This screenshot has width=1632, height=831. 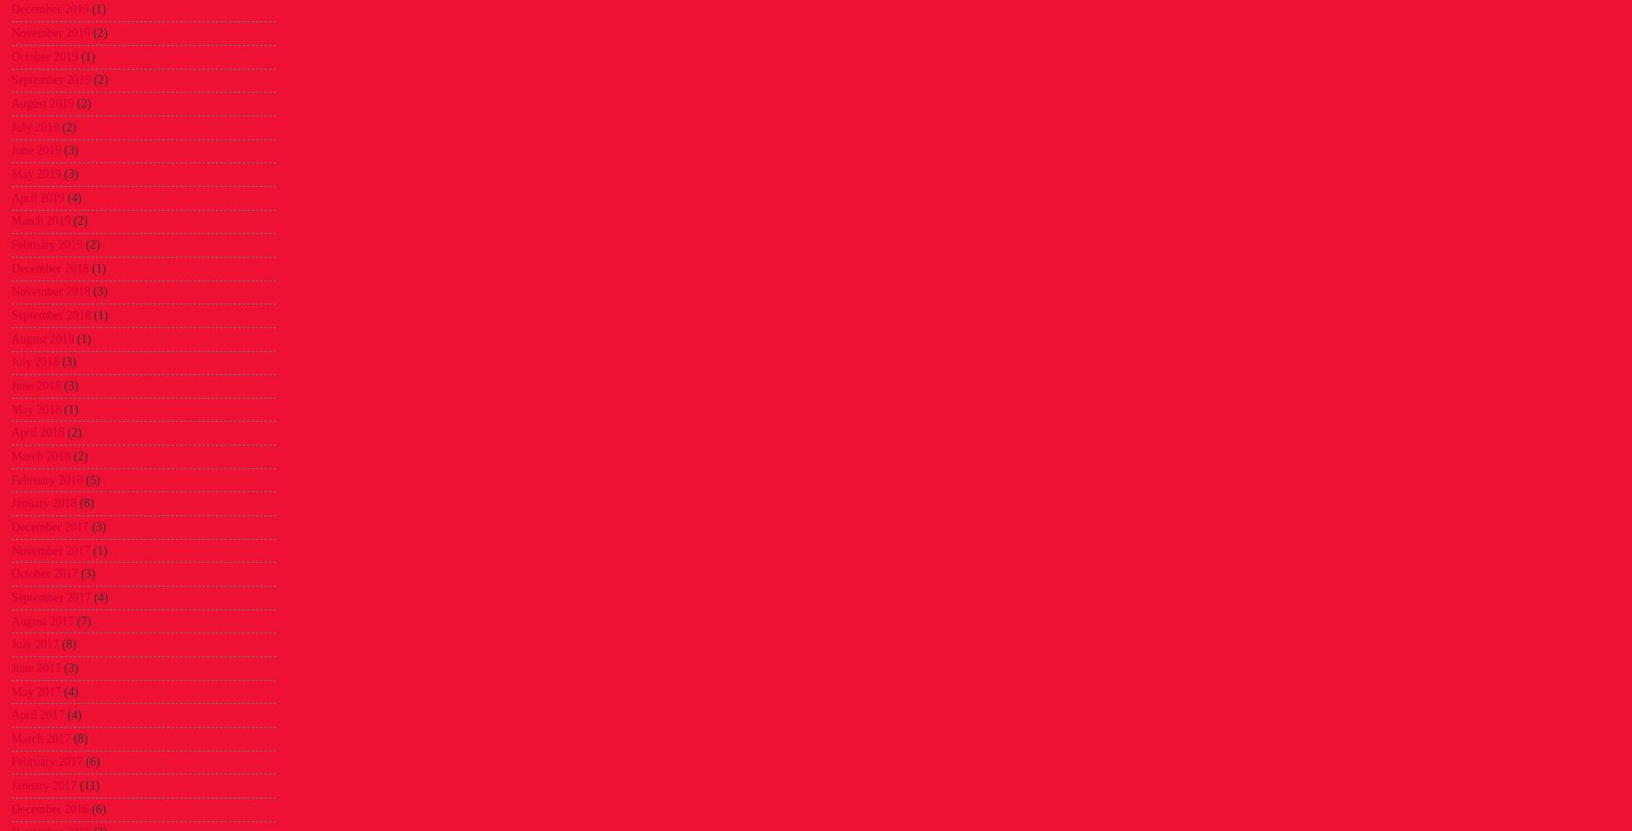 I want to click on 'November 2018', so click(x=49, y=291).